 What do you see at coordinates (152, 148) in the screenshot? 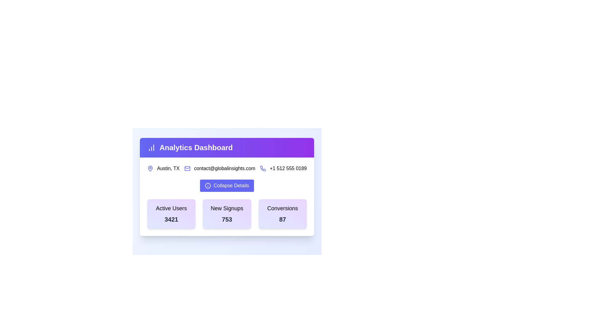
I see `the column chart icon with a purple background located at the top-left corner of the 'Analytics Dashboard' header bar` at bounding box center [152, 148].